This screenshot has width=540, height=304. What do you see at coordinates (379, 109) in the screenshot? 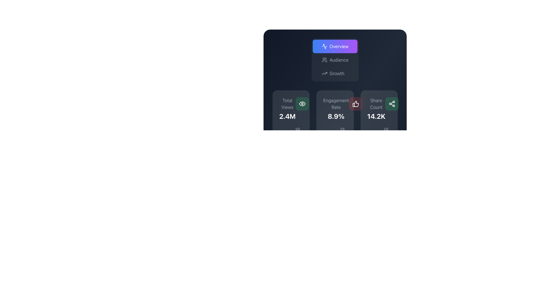
I see `displayed text of the 'Share Count' statistical display element, which shows '14.2K' prominently on a dark background` at bounding box center [379, 109].